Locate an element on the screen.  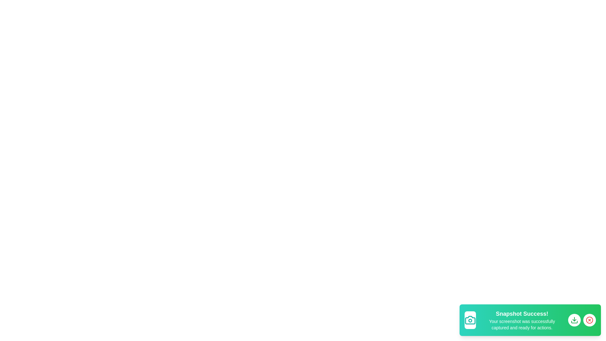
the camera icon to observe its details is located at coordinates (470, 320).